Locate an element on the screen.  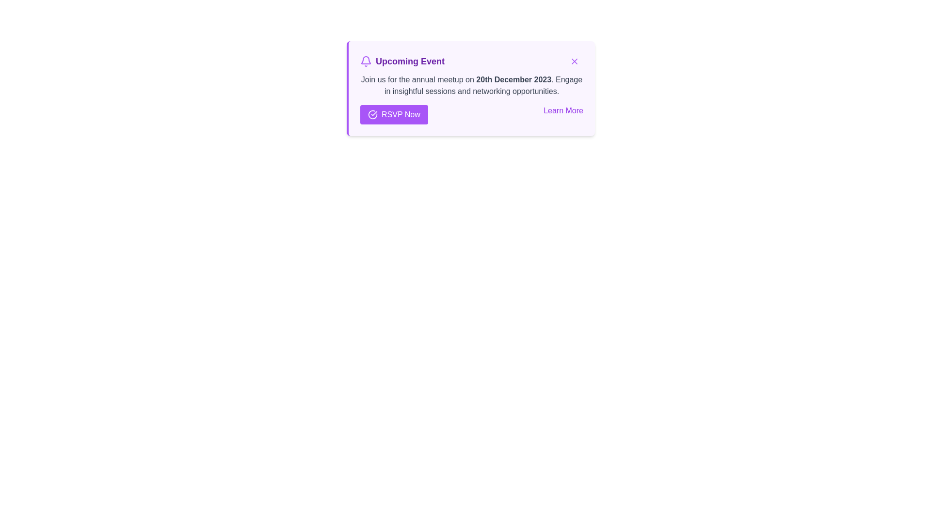
the static text displaying the event date within the notification card titled 'Upcoming Event', located on the second line after 'Join us for the annual meetup on' is located at coordinates (513, 79).